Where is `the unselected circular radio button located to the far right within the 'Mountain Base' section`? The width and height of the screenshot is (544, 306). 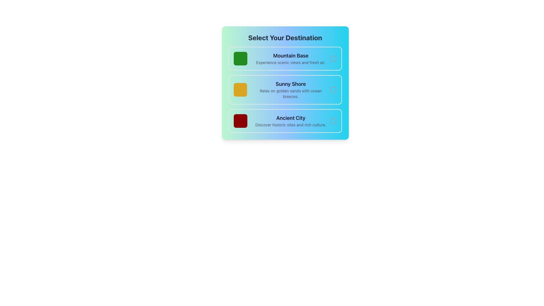
the unselected circular radio button located to the far right within the 'Mountain Base' section is located at coordinates (333, 59).